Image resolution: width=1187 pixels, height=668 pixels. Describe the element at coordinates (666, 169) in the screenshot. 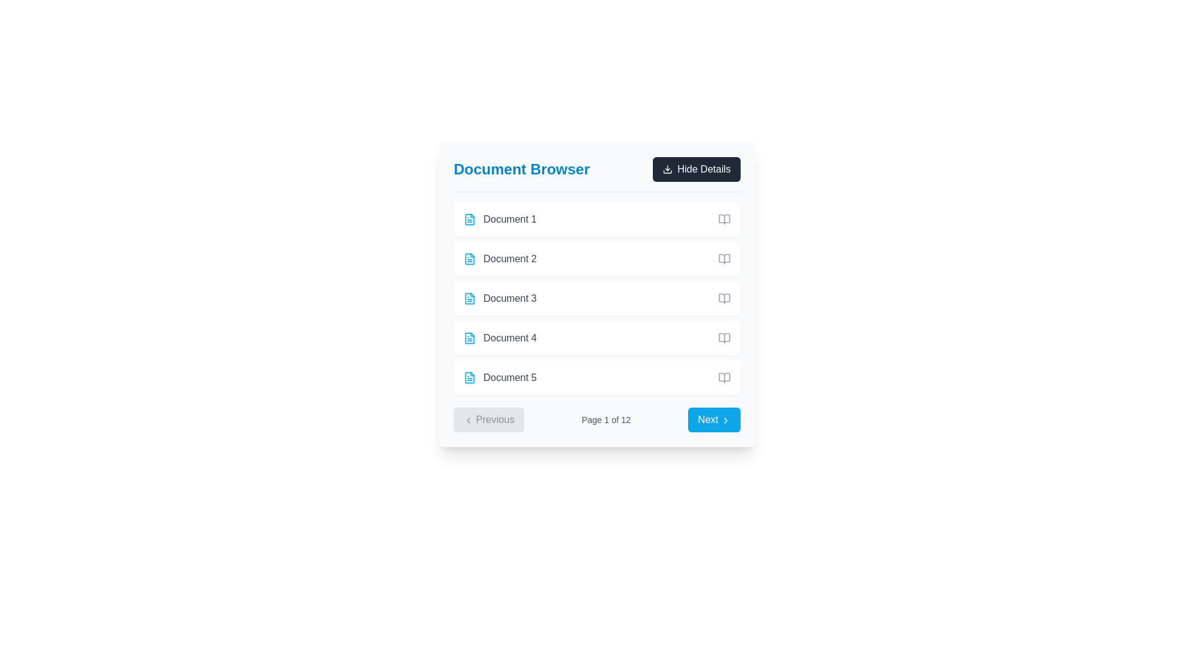

I see `the download icon located within the 'Hide Details' button at the top right of the 'Document Browser' panel` at that location.